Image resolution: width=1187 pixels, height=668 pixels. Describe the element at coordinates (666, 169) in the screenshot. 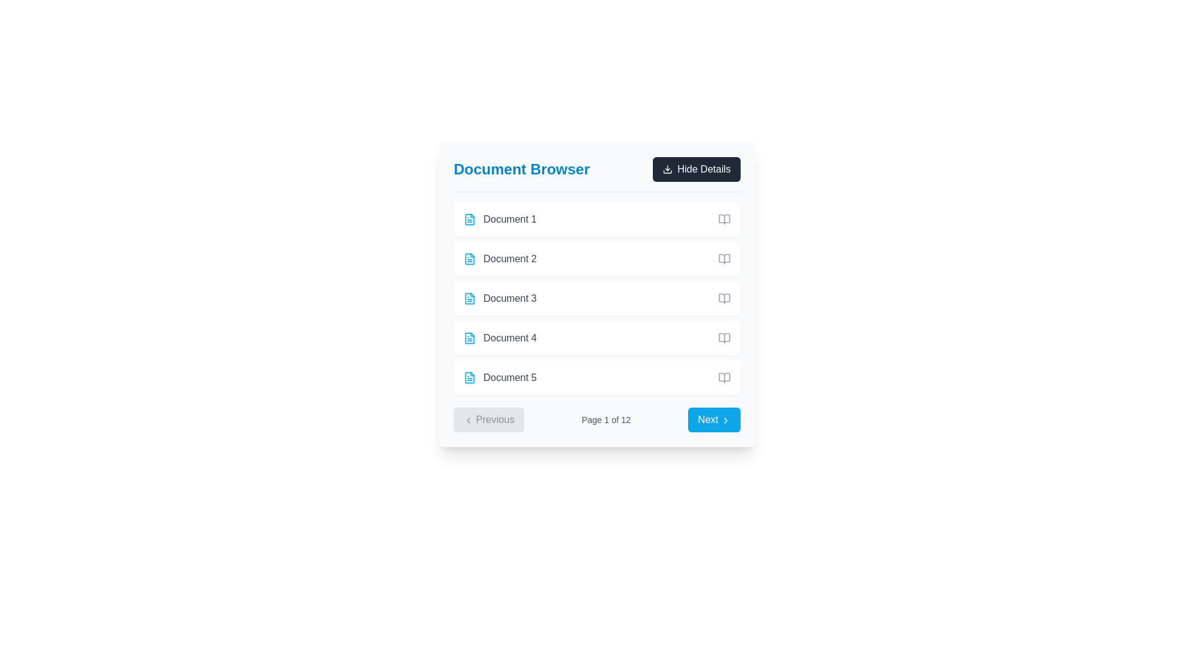

I see `the download icon located within the 'Hide Details' button at the top right of the 'Document Browser' panel` at that location.